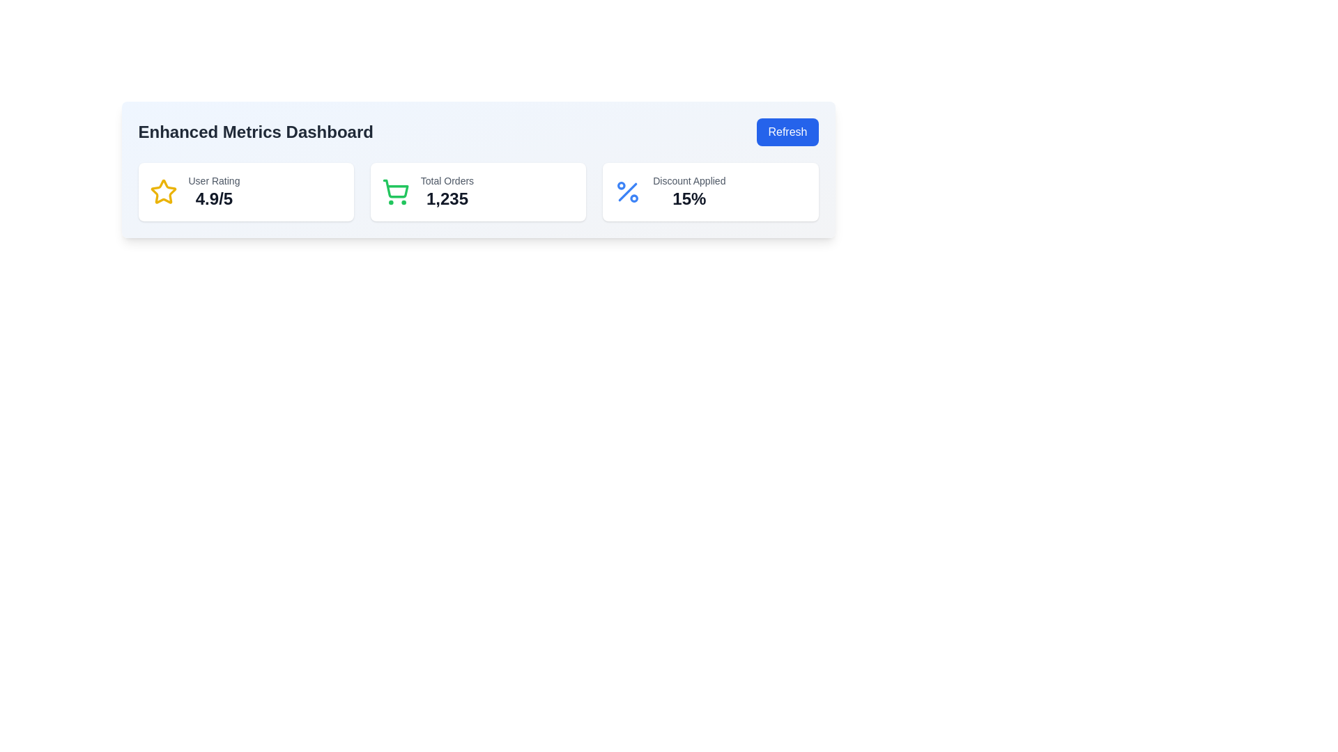  I want to click on the label that describes the total number of orders, located in the upper-left portion of the second card, above the prominently styled number '1,235', so click(447, 180).